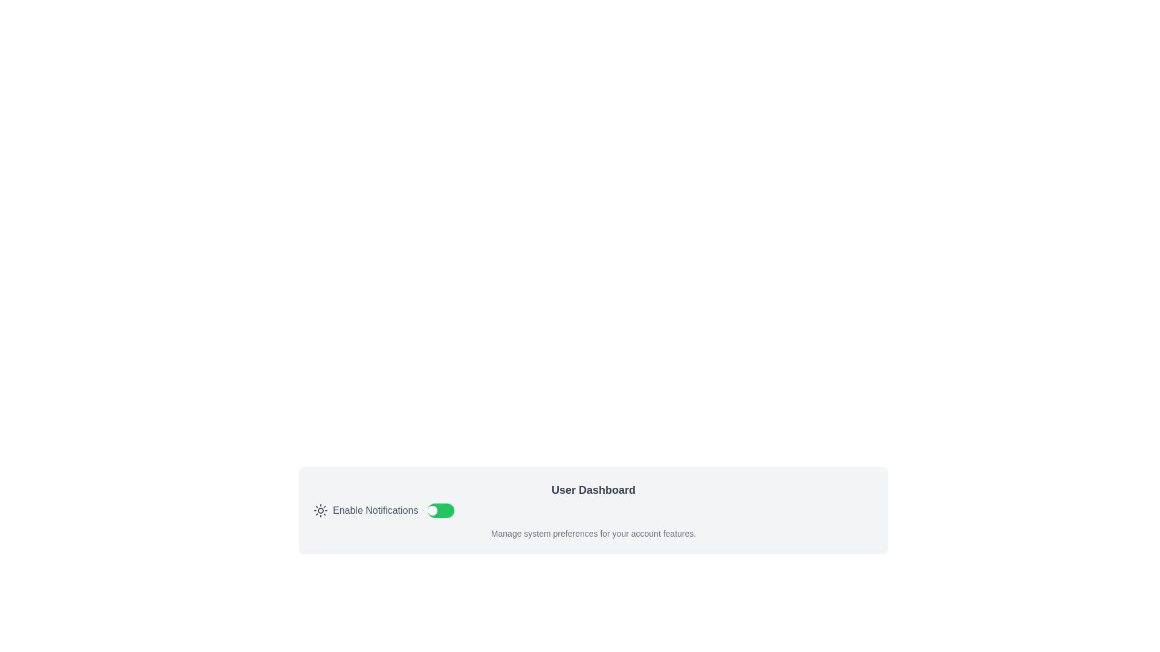  I want to click on the circular handle of the toggle switch located next to the 'Enable Notifications' label, so click(433, 510).